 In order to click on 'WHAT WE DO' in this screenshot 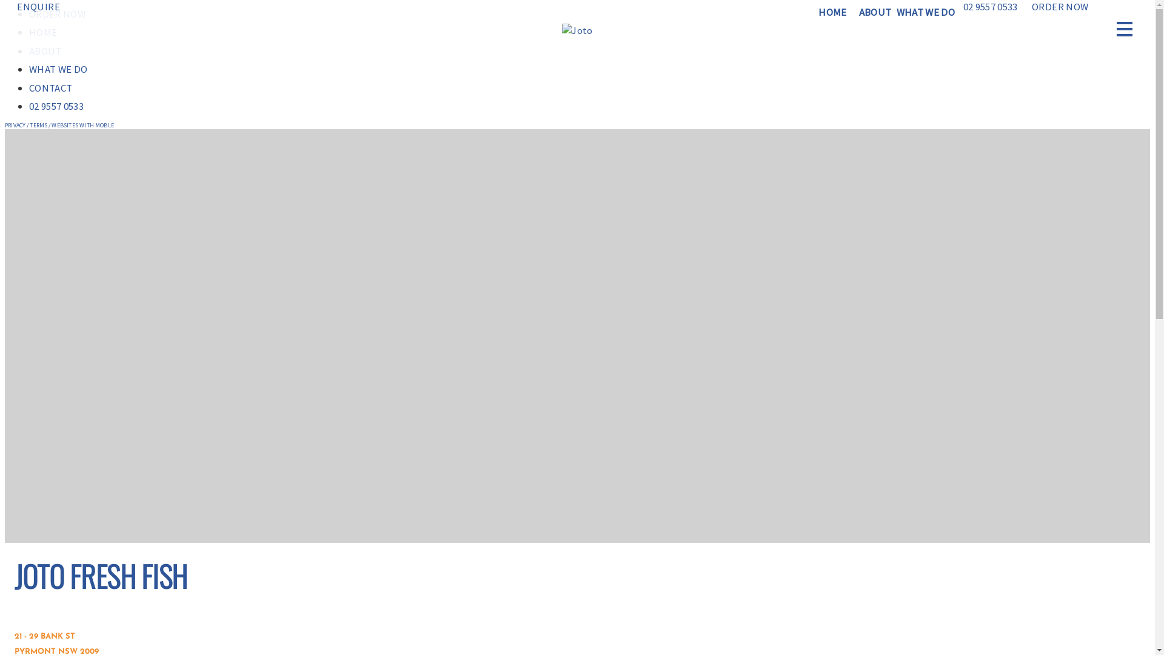, I will do `click(925, 12)`.